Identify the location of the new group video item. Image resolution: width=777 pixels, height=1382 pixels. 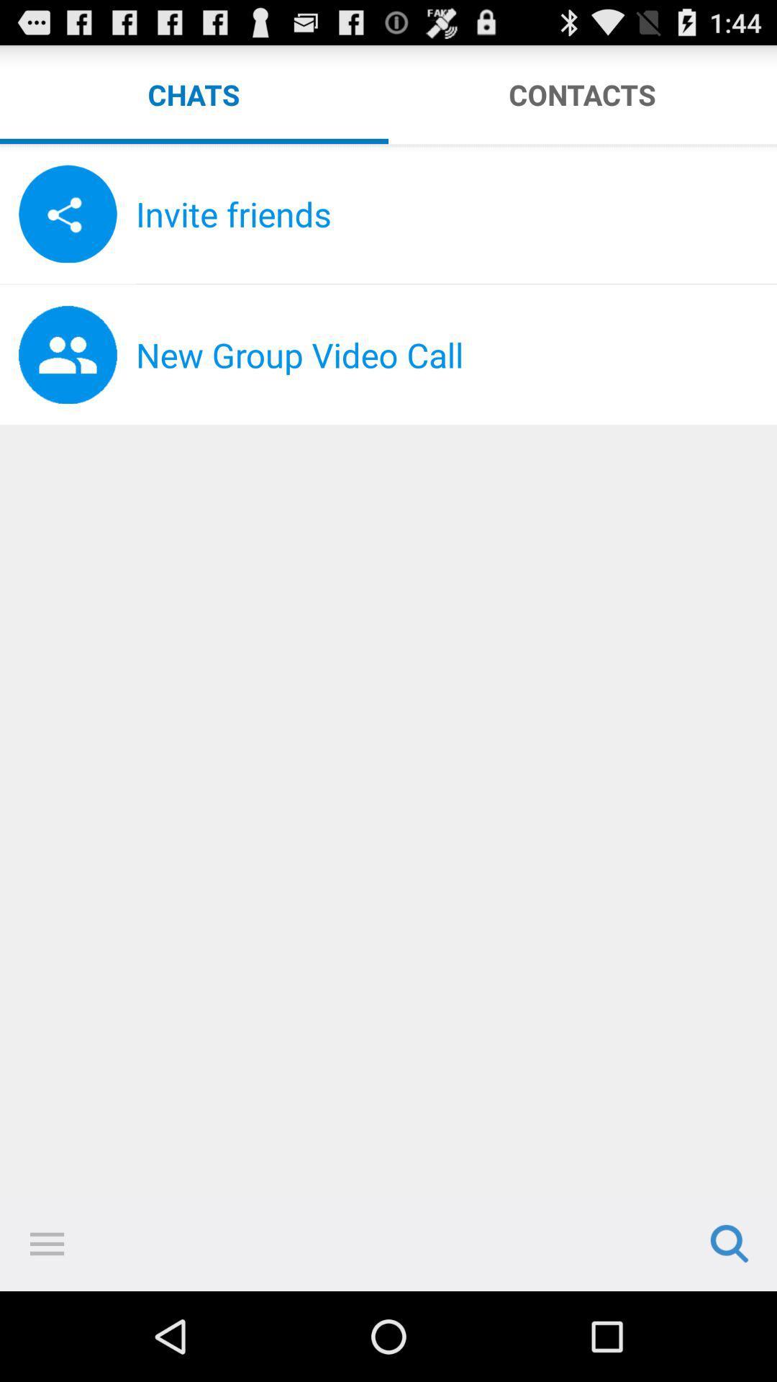
(456, 355).